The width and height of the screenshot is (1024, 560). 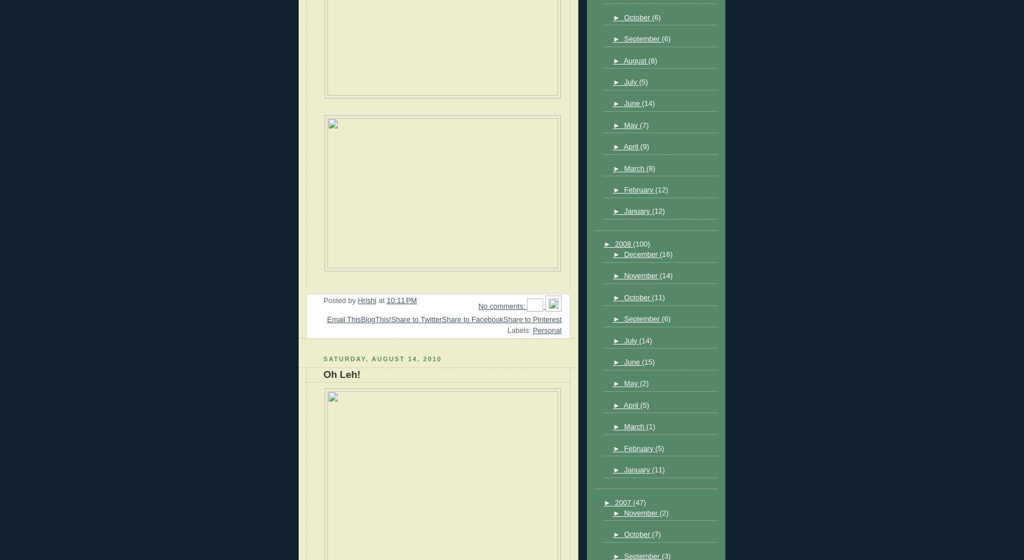 I want to click on 'Personal', so click(x=546, y=329).